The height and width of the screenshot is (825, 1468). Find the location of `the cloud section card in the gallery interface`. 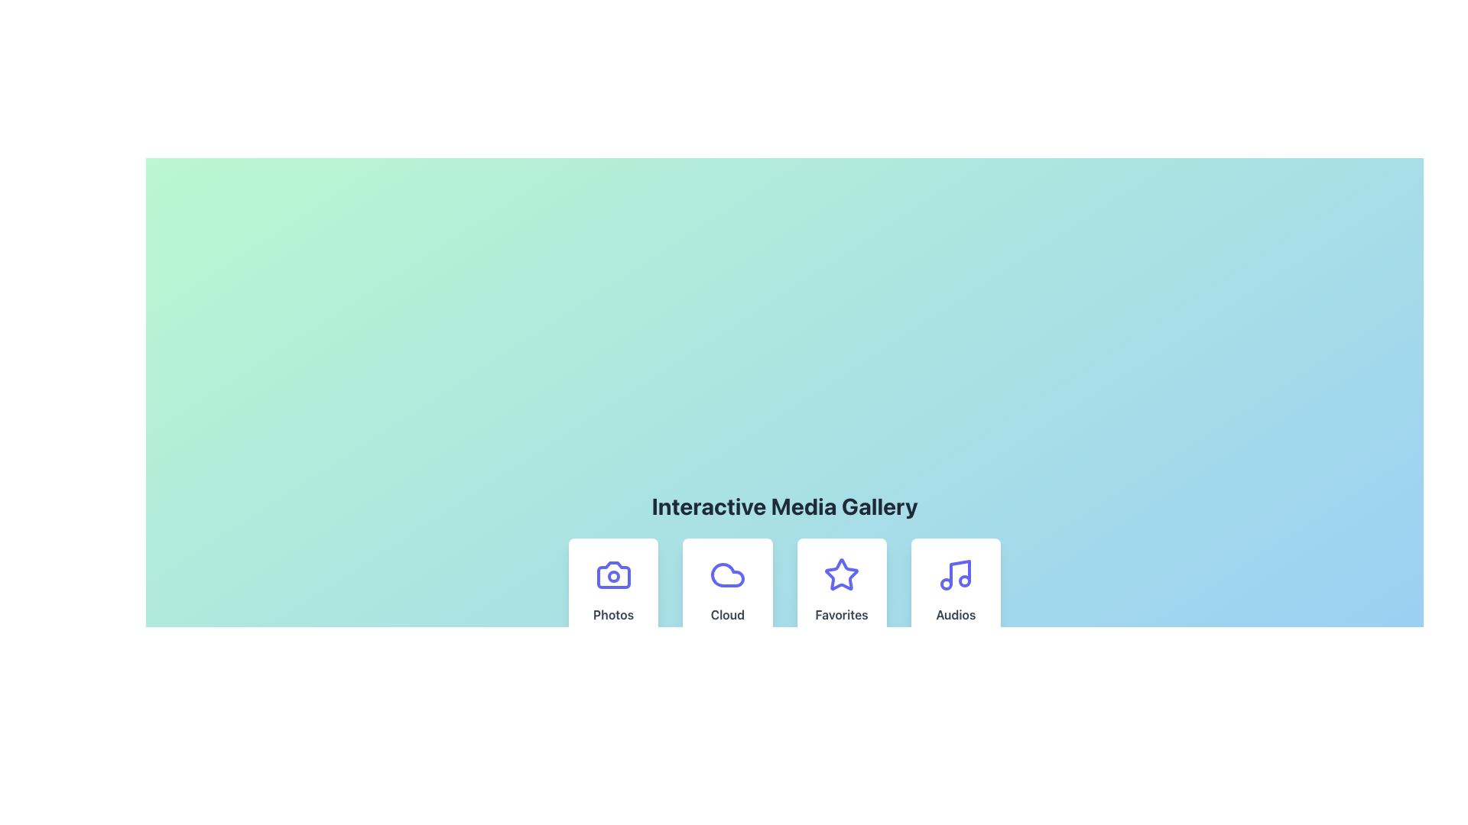

the cloud section card in the gallery interface is located at coordinates (726, 592).